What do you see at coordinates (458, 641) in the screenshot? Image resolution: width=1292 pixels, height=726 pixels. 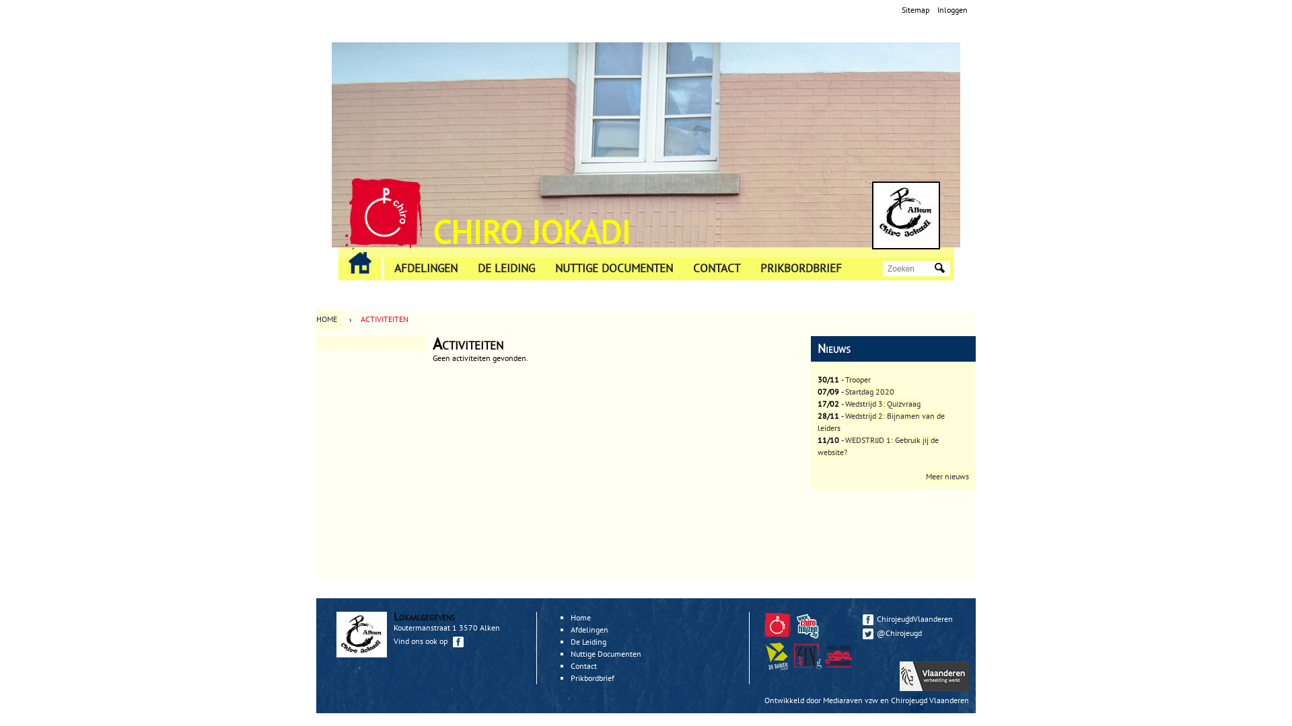 I see `'Facebook'` at bounding box center [458, 641].